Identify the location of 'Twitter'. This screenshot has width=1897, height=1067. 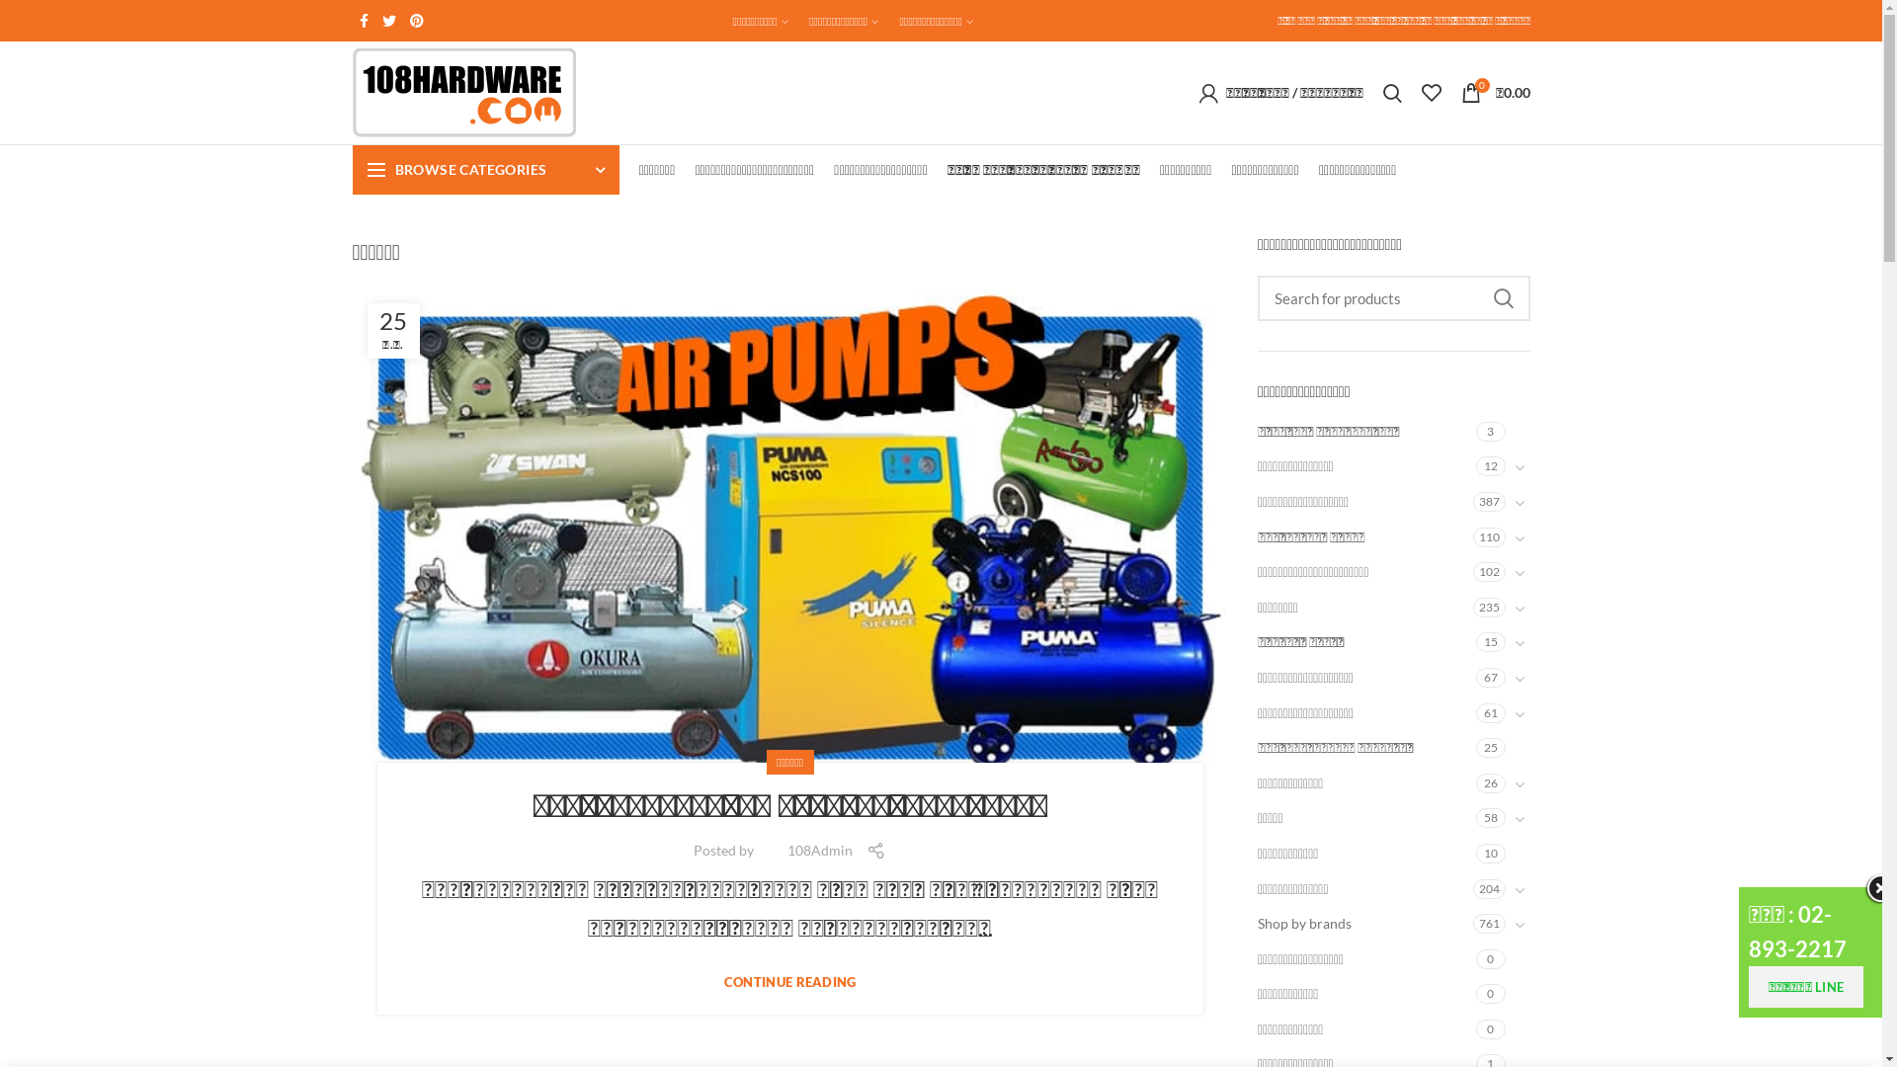
(388, 20).